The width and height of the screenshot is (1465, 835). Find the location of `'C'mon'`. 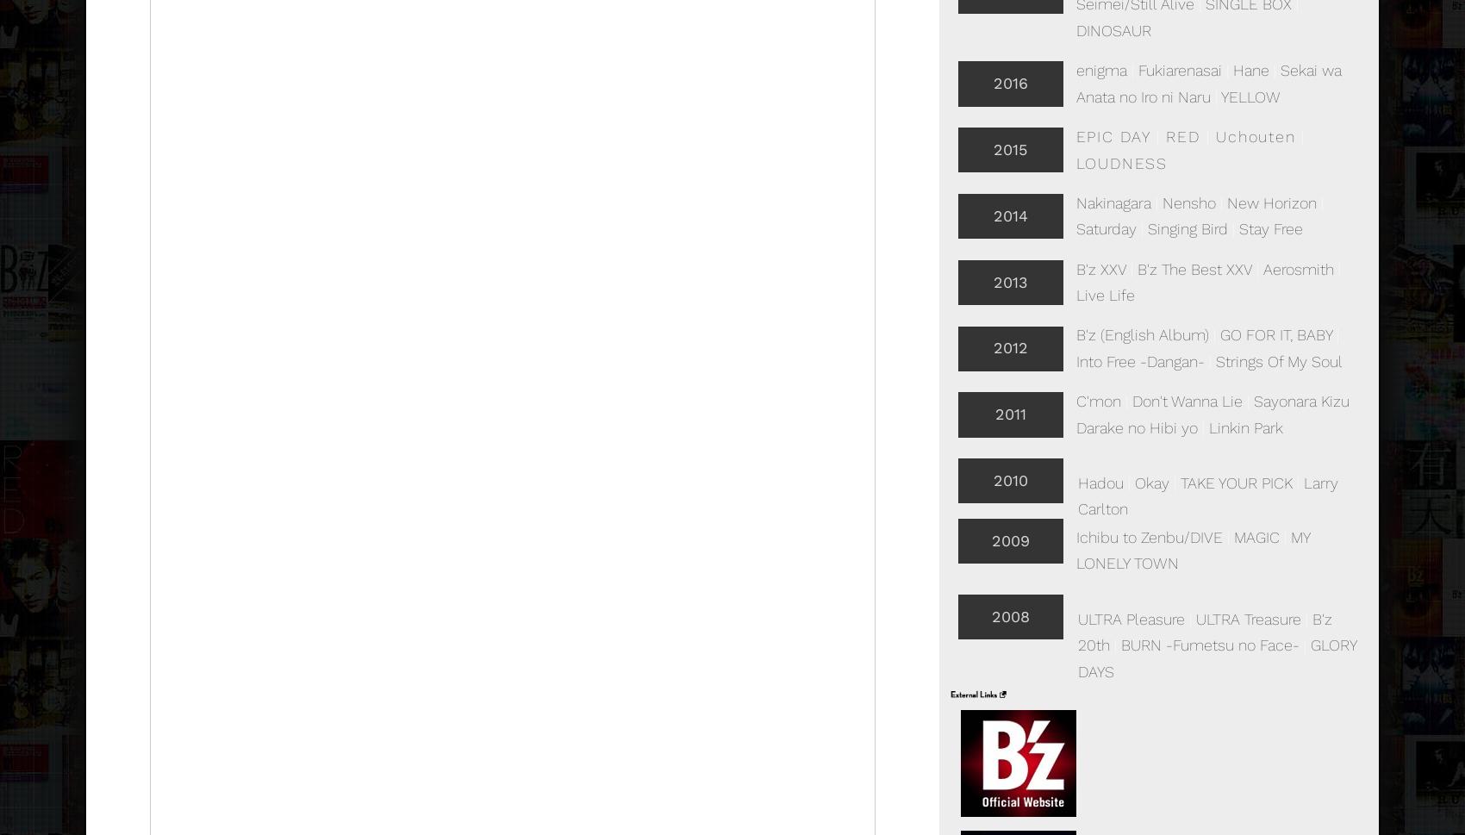

'C'mon' is located at coordinates (1096, 401).